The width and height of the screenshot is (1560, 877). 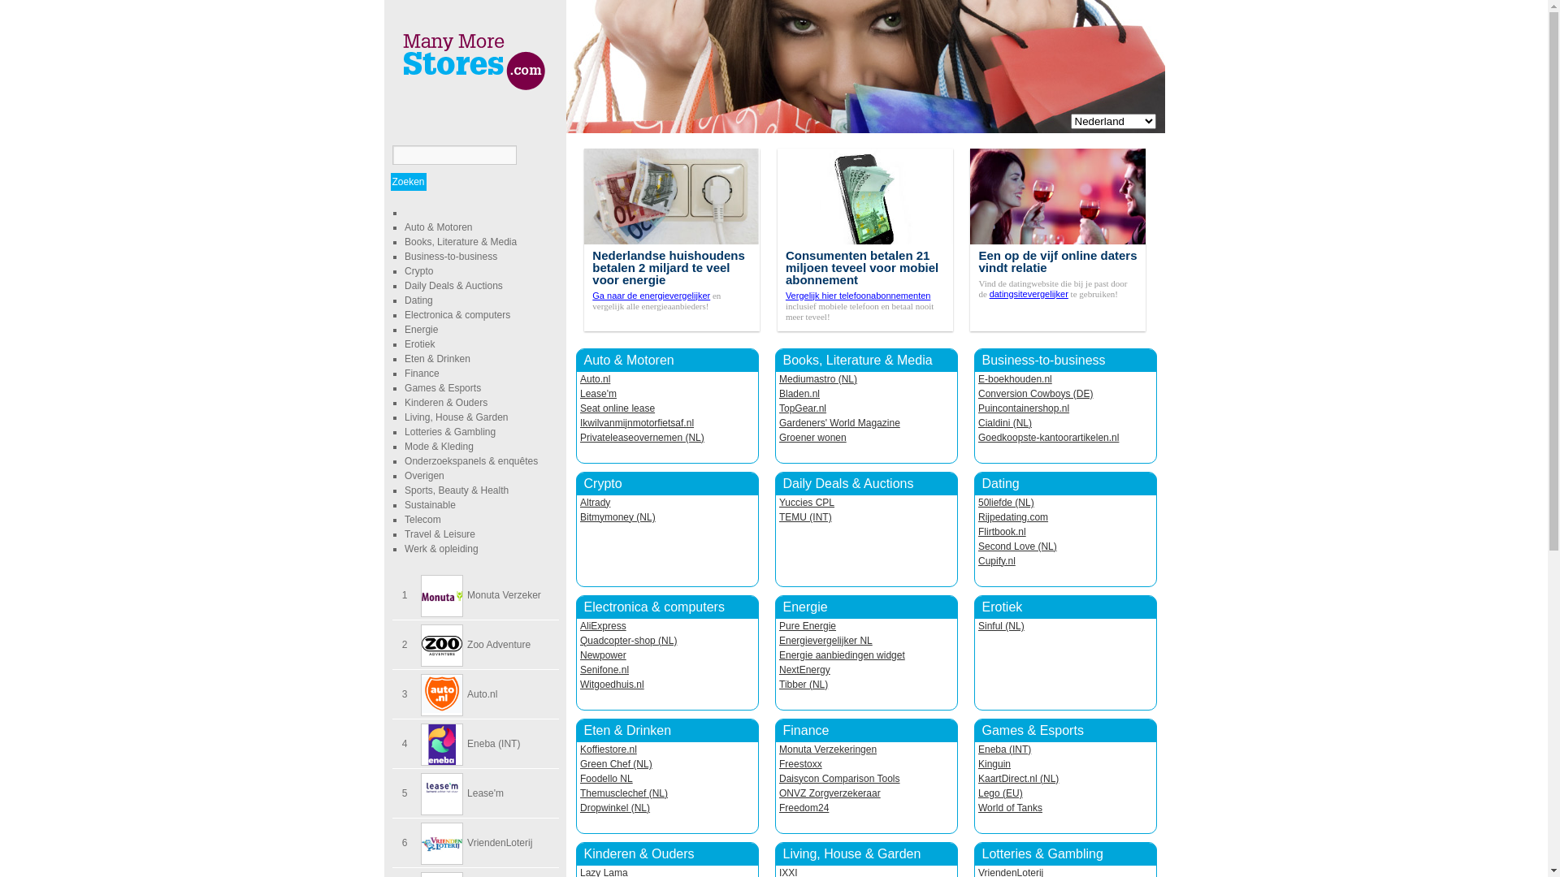 What do you see at coordinates (800, 764) in the screenshot?
I see `'Freestoxx'` at bounding box center [800, 764].